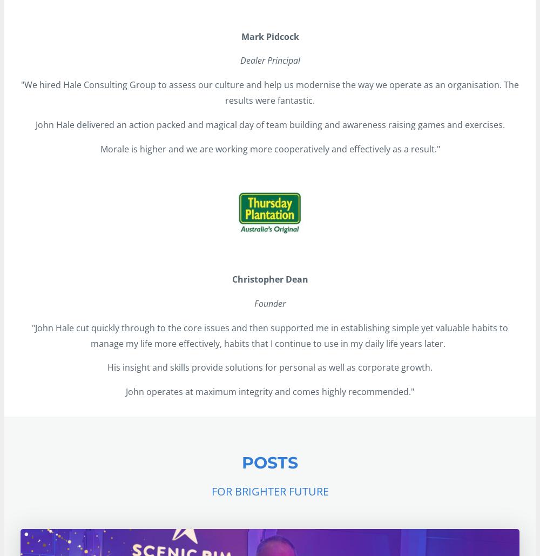 The image size is (540, 556). Describe the element at coordinates (269, 278) in the screenshot. I see `'Christopher Dean'` at that location.